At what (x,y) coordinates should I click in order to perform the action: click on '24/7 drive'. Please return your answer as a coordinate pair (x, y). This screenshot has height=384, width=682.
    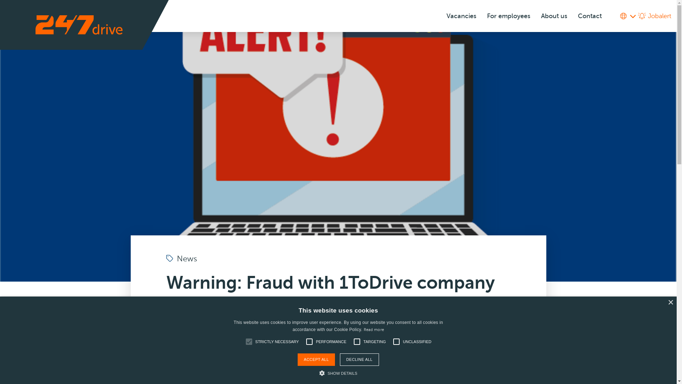
    Looking at the image, I should click on (79, 24).